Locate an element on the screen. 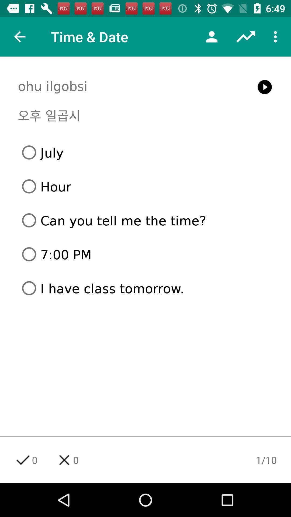 The image size is (291, 517). the 7:00 pm icon is located at coordinates (147, 254).